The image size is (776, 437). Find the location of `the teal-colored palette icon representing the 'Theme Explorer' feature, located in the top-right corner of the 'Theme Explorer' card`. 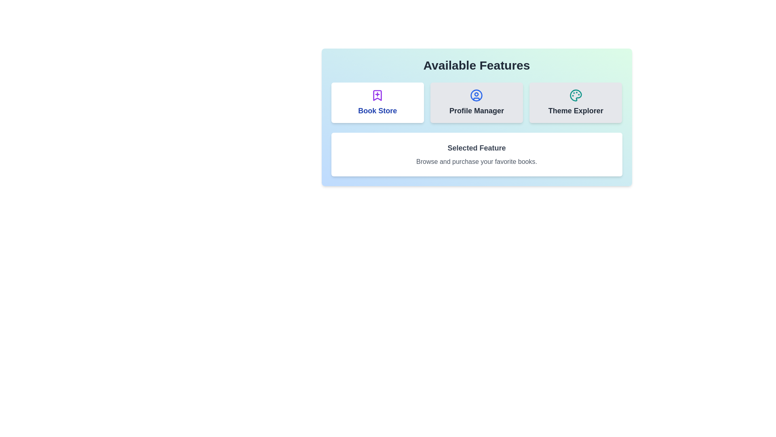

the teal-colored palette icon representing the 'Theme Explorer' feature, located in the top-right corner of the 'Theme Explorer' card is located at coordinates (575, 95).